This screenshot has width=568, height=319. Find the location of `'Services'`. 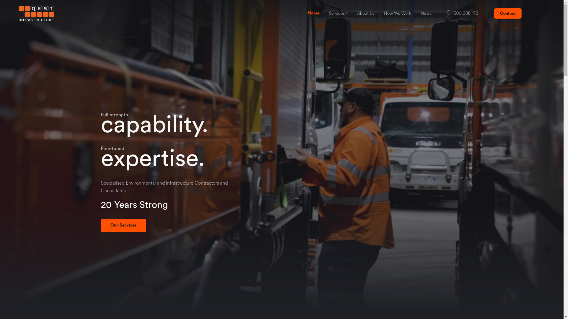

'Services' is located at coordinates (337, 13).